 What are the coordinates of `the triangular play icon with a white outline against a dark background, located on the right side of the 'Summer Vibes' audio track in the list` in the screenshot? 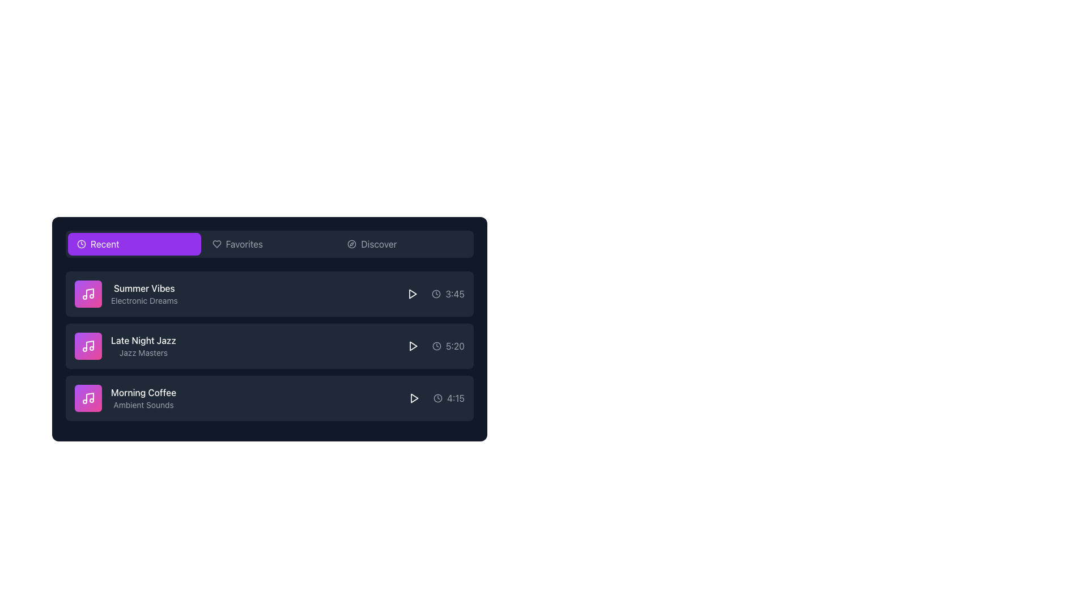 It's located at (412, 294).